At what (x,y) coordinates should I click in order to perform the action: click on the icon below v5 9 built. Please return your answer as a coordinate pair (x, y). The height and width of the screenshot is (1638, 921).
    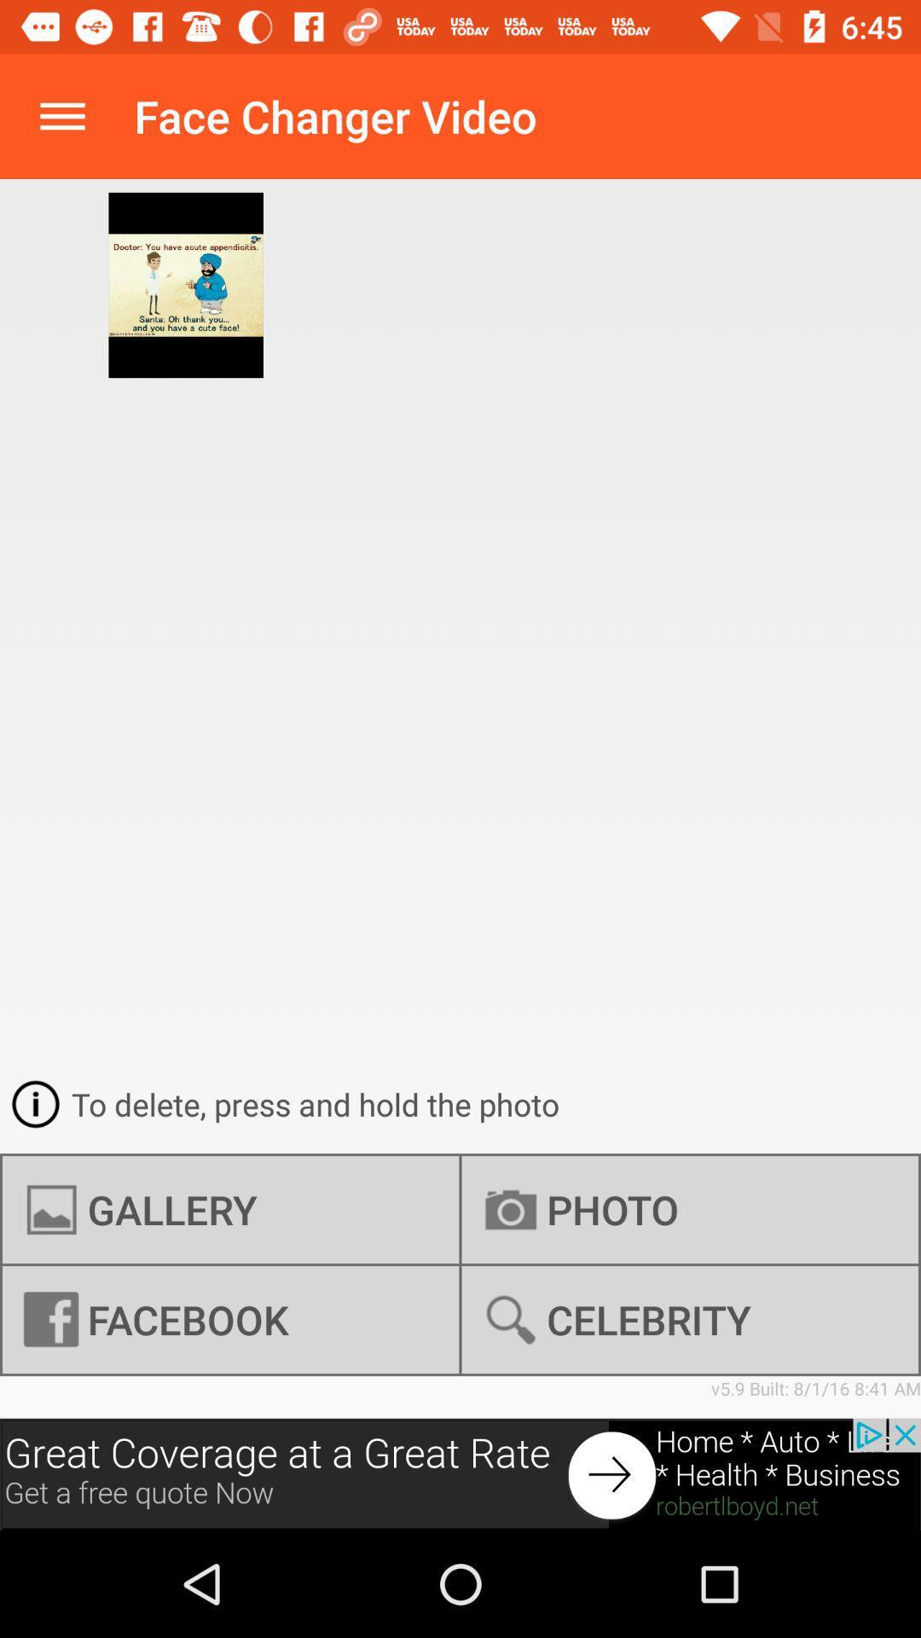
    Looking at the image, I should click on (460, 1473).